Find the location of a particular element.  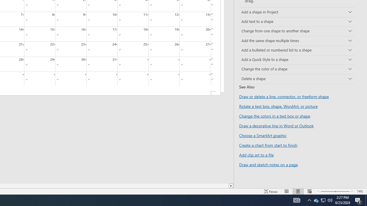

'Focus ' is located at coordinates (270, 191).